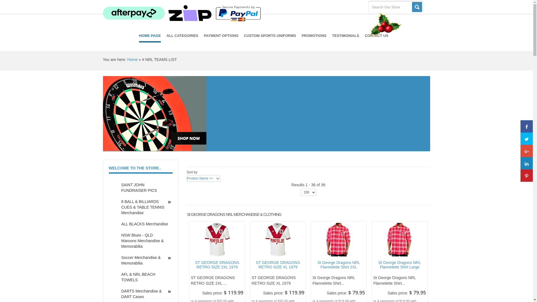 The height and width of the screenshot is (302, 537). I want to click on 'Home', so click(127, 59).